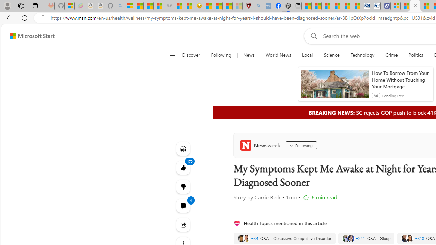  I want to click on 'Open navigation menu', so click(172, 55).